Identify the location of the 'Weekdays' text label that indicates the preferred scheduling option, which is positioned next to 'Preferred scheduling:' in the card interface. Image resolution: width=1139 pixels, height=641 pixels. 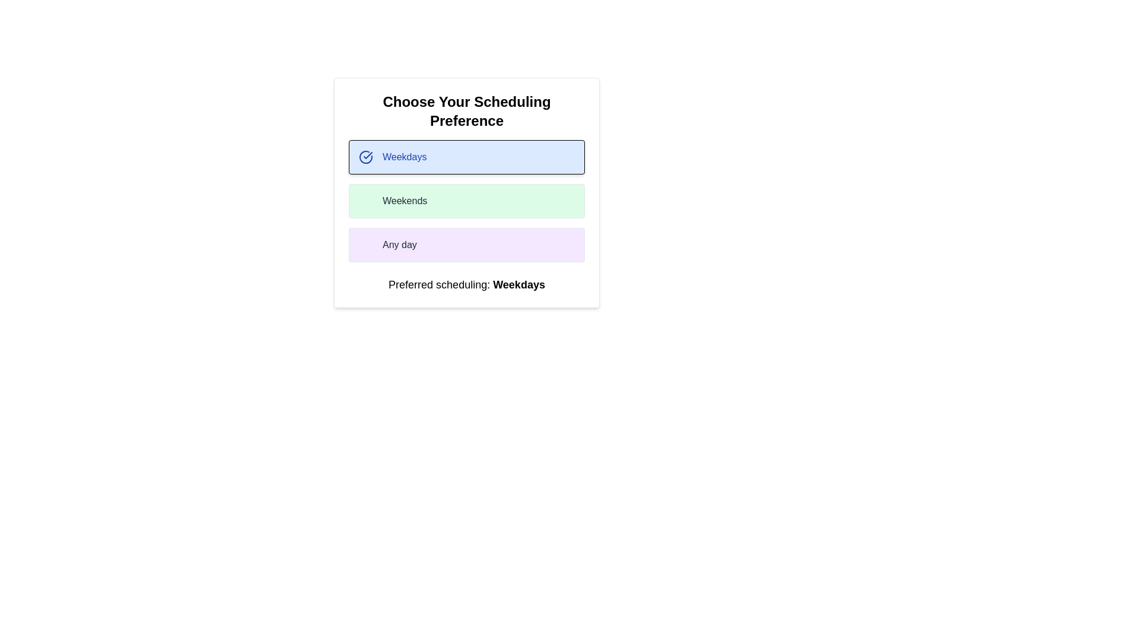
(519, 284).